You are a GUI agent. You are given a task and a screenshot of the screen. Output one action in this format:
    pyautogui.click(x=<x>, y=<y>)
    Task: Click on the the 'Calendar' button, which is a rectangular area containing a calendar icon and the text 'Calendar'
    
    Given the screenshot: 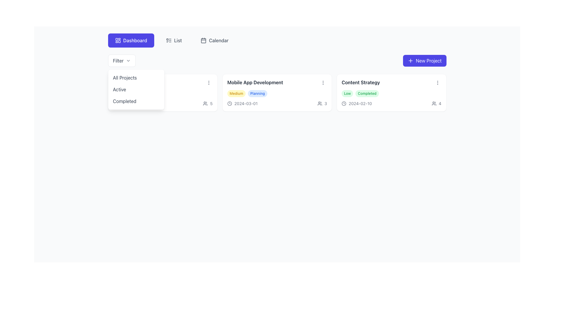 What is the action you would take?
    pyautogui.click(x=214, y=40)
    